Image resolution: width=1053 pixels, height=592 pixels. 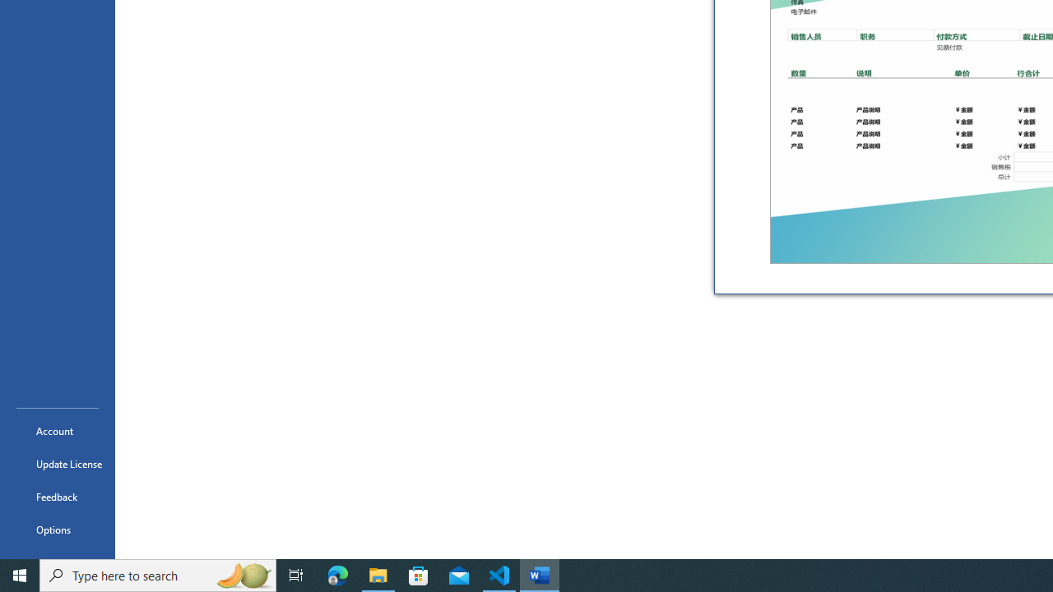 What do you see at coordinates (540, 574) in the screenshot?
I see `'Word - 1 running window'` at bounding box center [540, 574].